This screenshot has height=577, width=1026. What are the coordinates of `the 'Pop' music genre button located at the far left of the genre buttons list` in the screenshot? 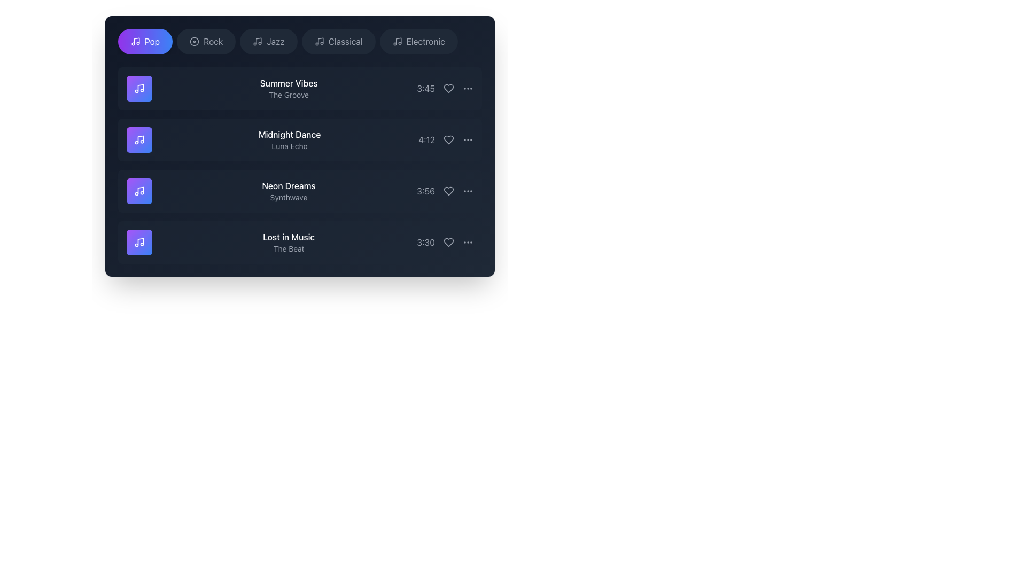 It's located at (145, 41).